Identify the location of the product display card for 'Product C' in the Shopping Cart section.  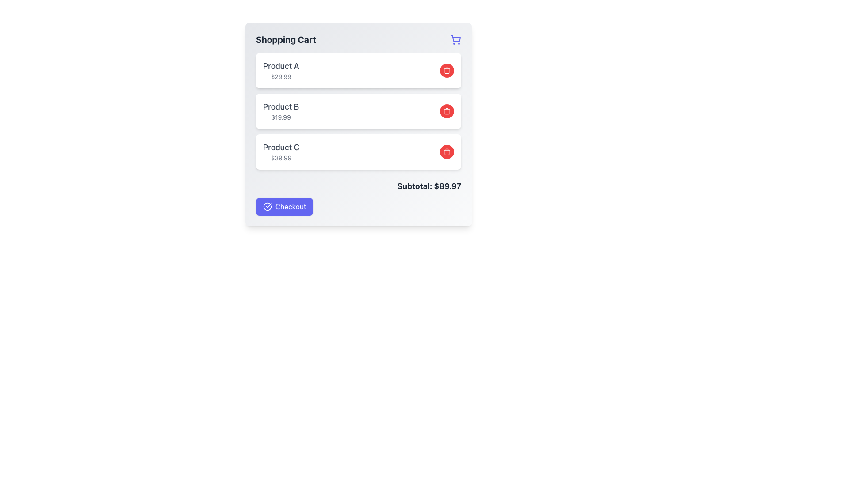
(359, 151).